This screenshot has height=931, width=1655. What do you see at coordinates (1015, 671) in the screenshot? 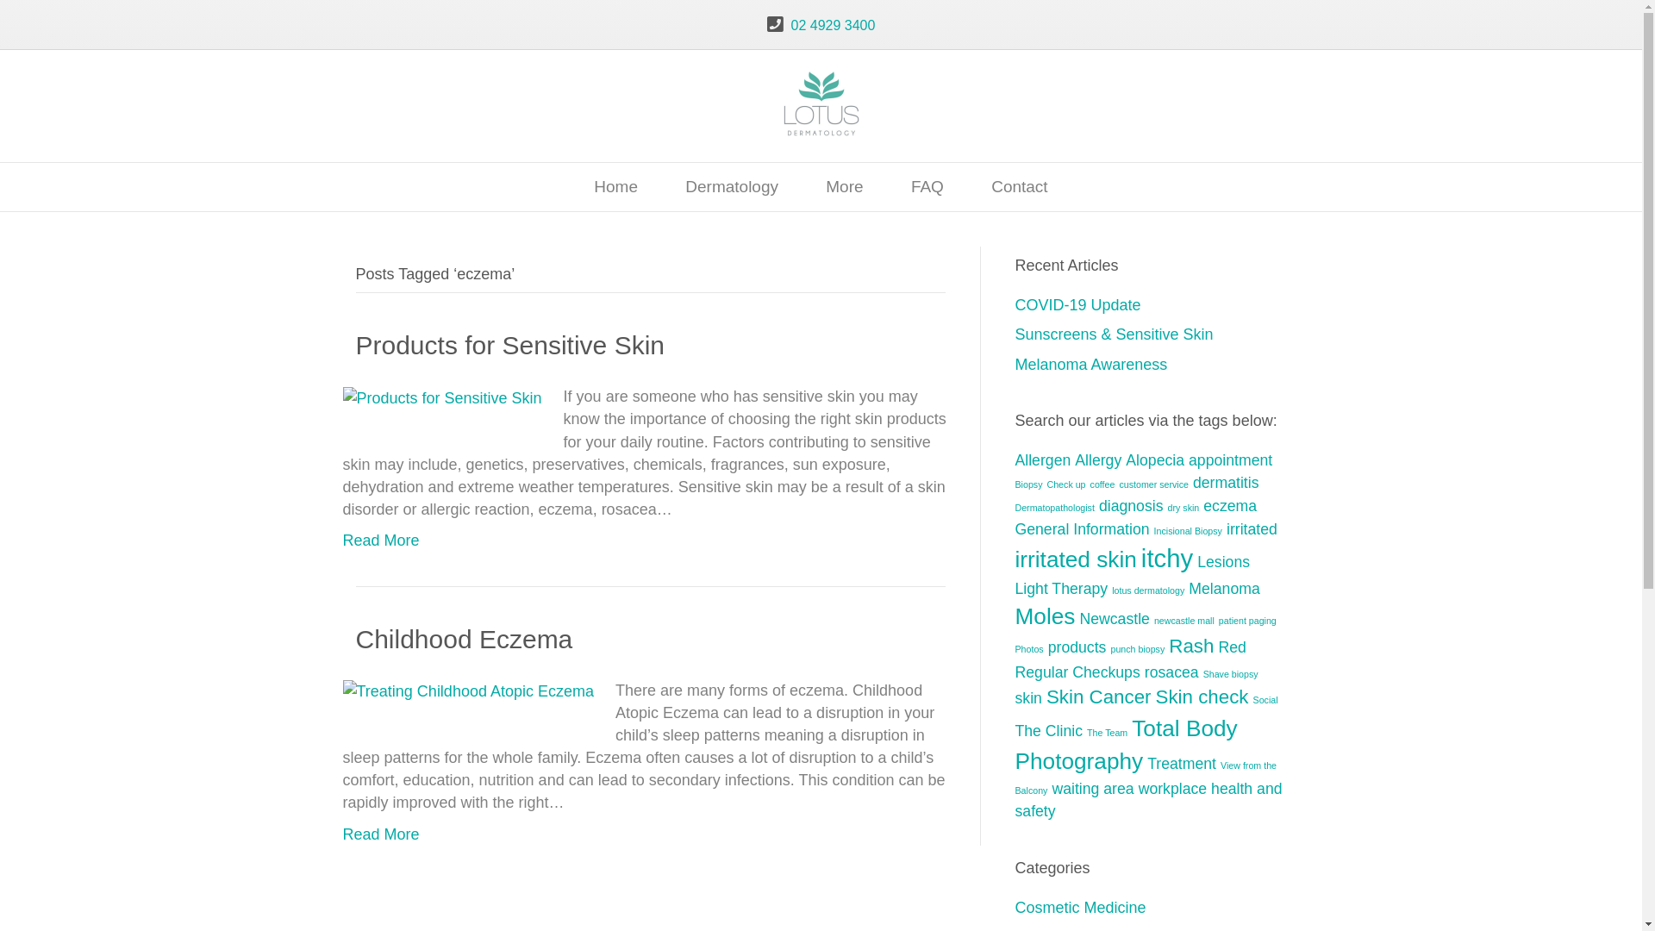
I see `'Regular Checkups'` at bounding box center [1015, 671].